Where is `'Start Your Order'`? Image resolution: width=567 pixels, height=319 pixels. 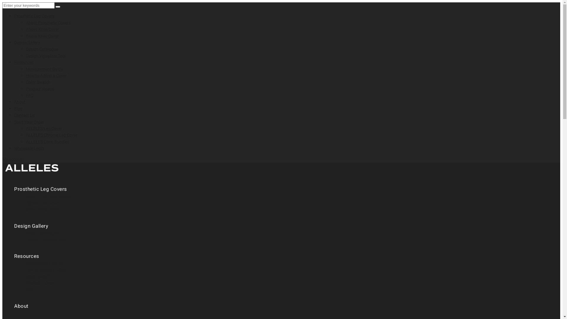 'Start Your Order' is located at coordinates (29, 122).